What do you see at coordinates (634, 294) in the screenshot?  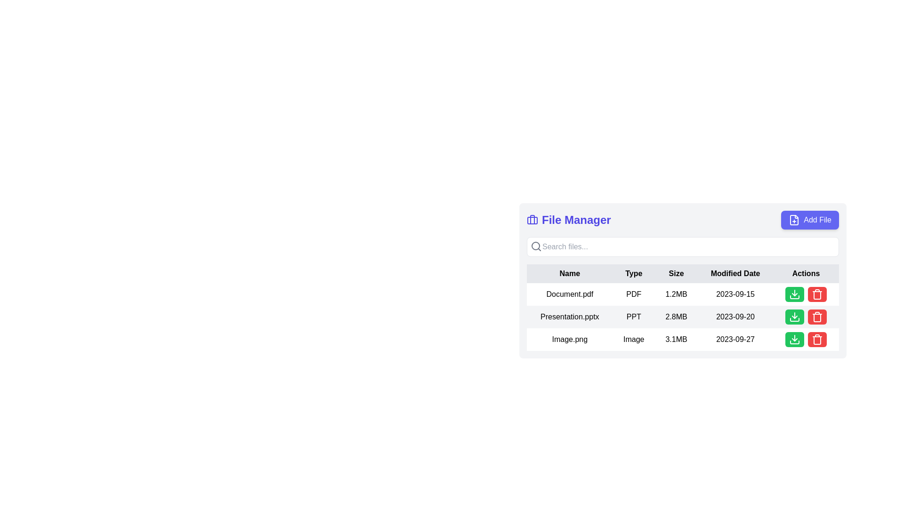 I see `the text label displaying 'PDF' in the 'Type' column of the File Manager interface, which is styled with class 'px-4 py-2'` at bounding box center [634, 294].